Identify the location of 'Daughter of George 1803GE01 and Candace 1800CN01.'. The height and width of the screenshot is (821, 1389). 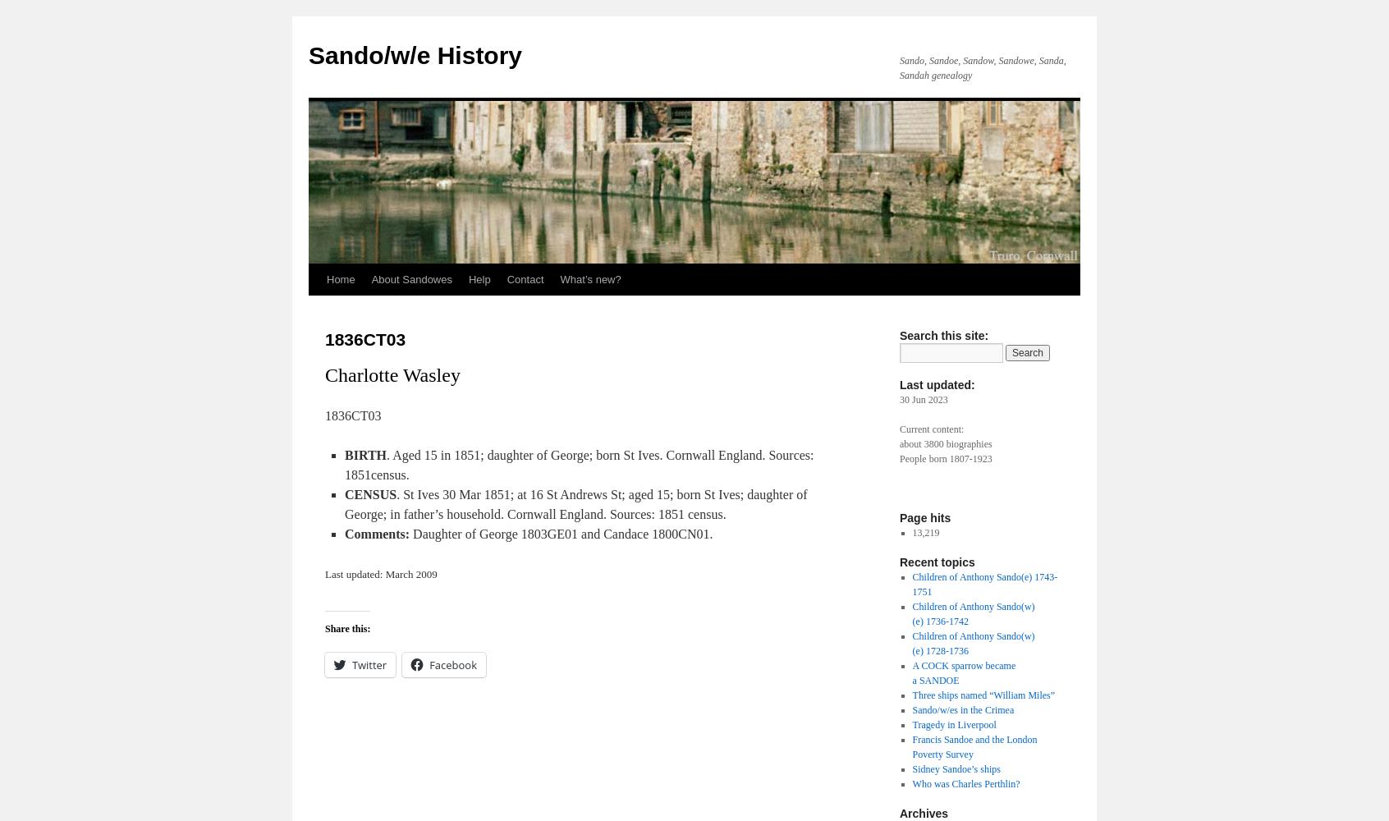
(561, 534).